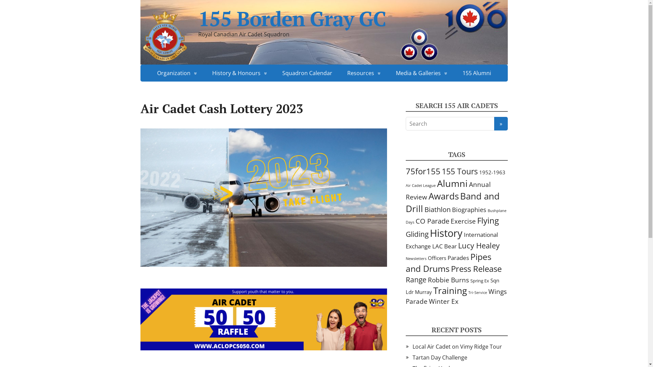 This screenshot has width=653, height=367. Describe the element at coordinates (363, 73) in the screenshot. I see `'Resources'` at that location.